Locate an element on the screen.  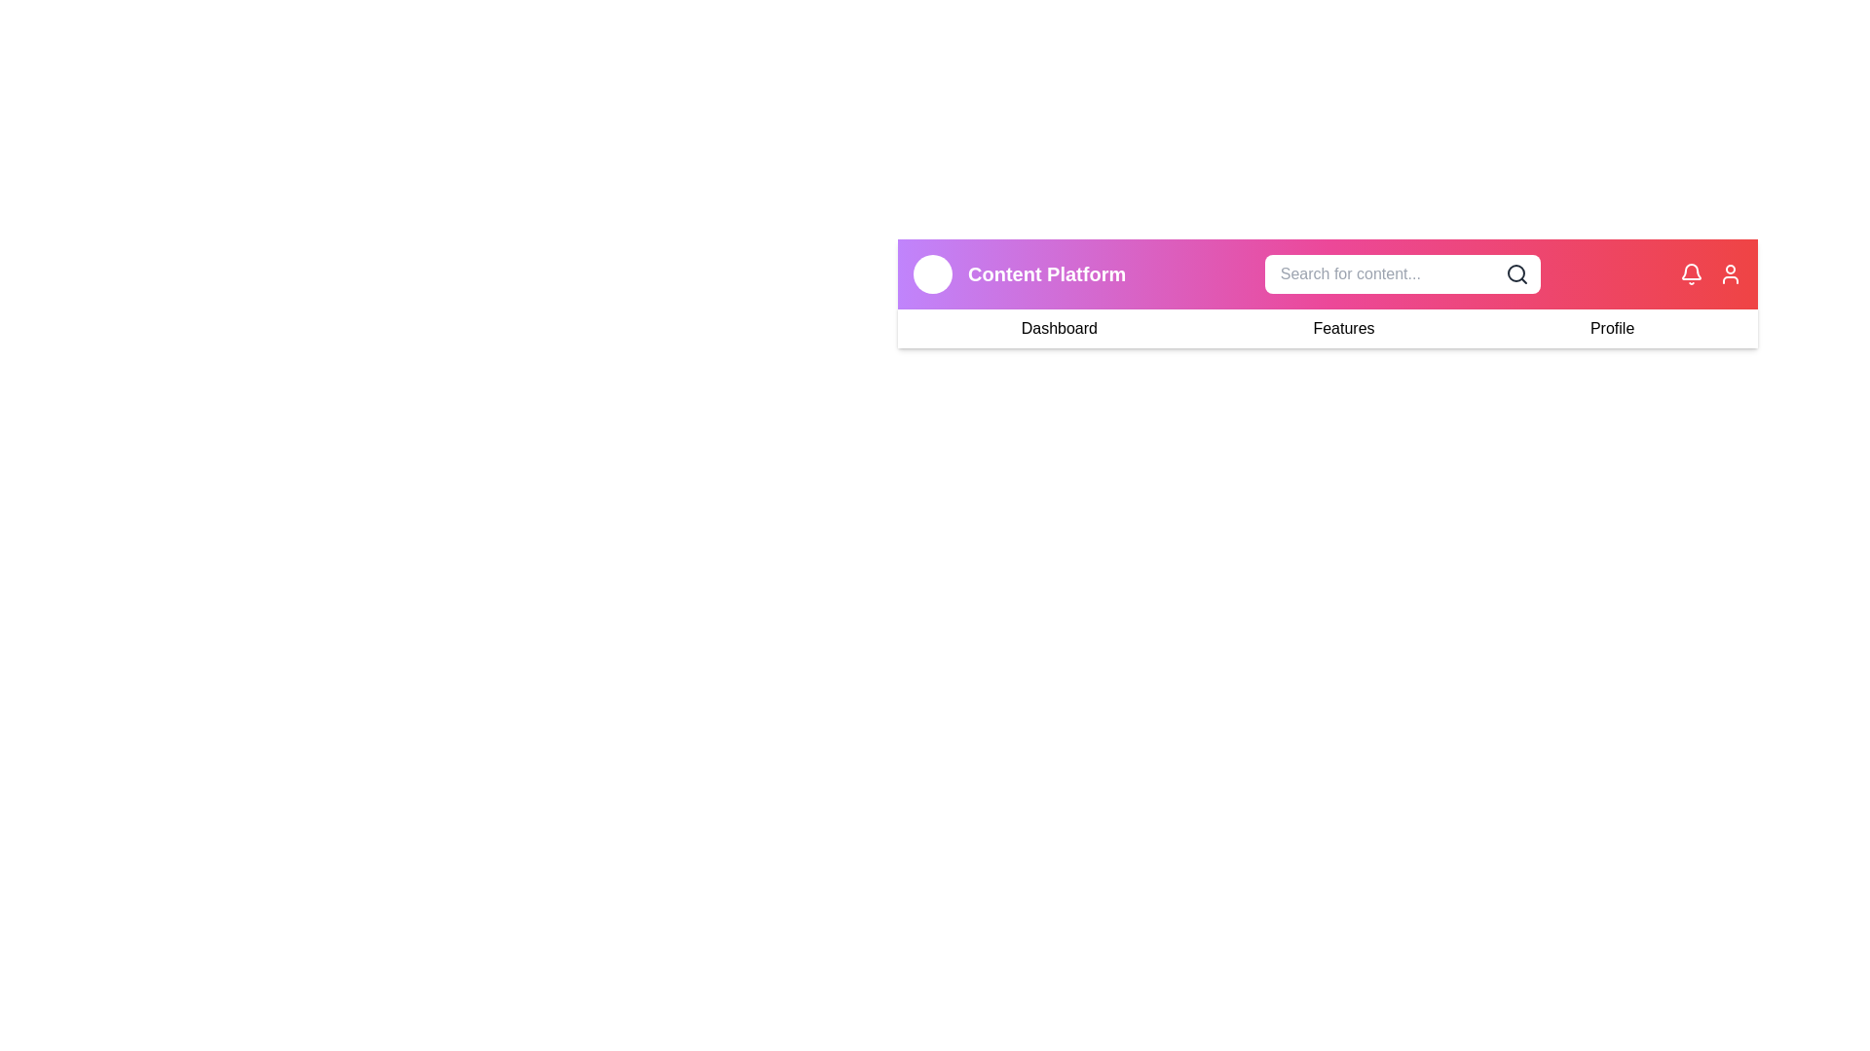
the notification icon in the app bar is located at coordinates (1691, 273).